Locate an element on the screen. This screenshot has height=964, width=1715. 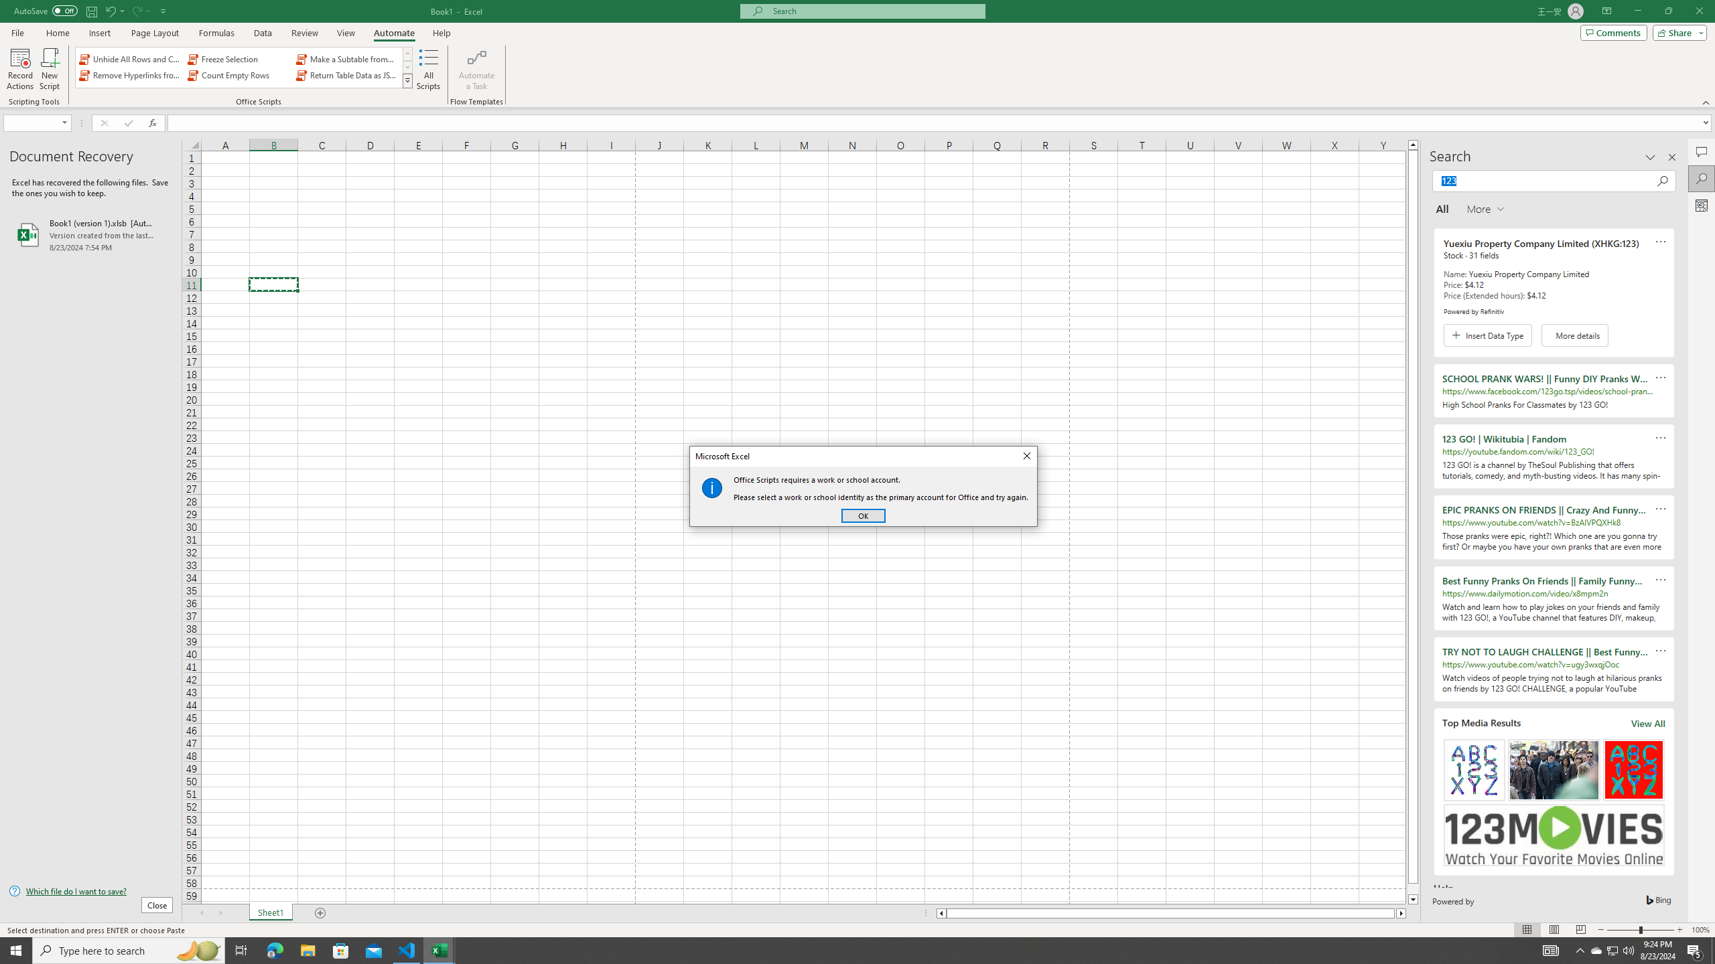
'Start' is located at coordinates (16, 949).